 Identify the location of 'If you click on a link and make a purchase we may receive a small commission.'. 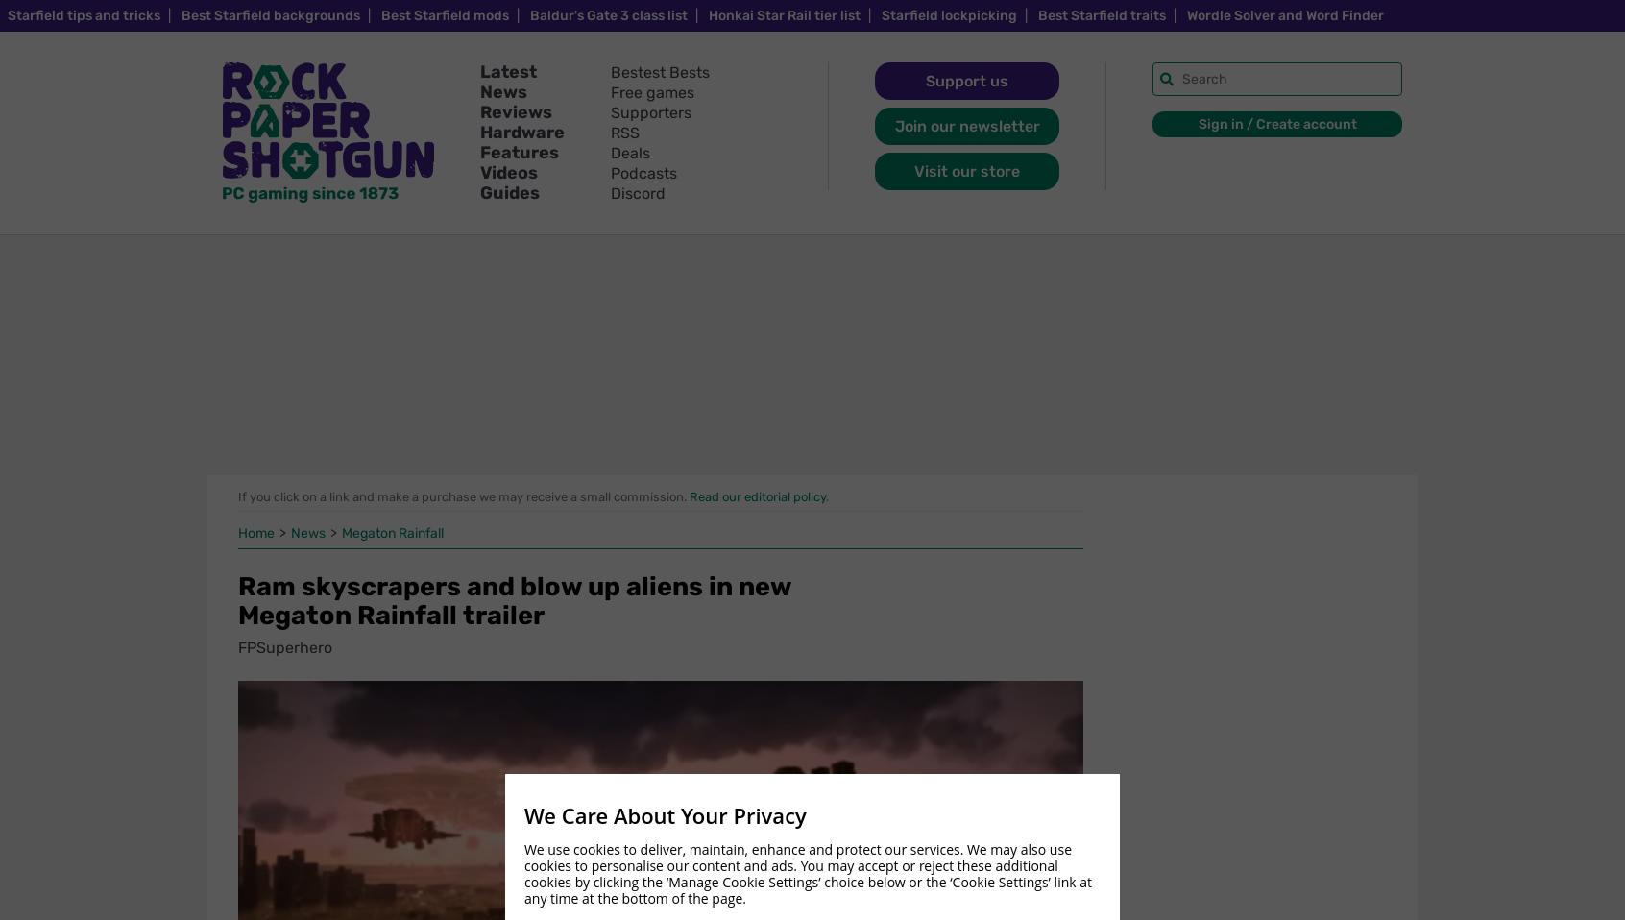
(463, 496).